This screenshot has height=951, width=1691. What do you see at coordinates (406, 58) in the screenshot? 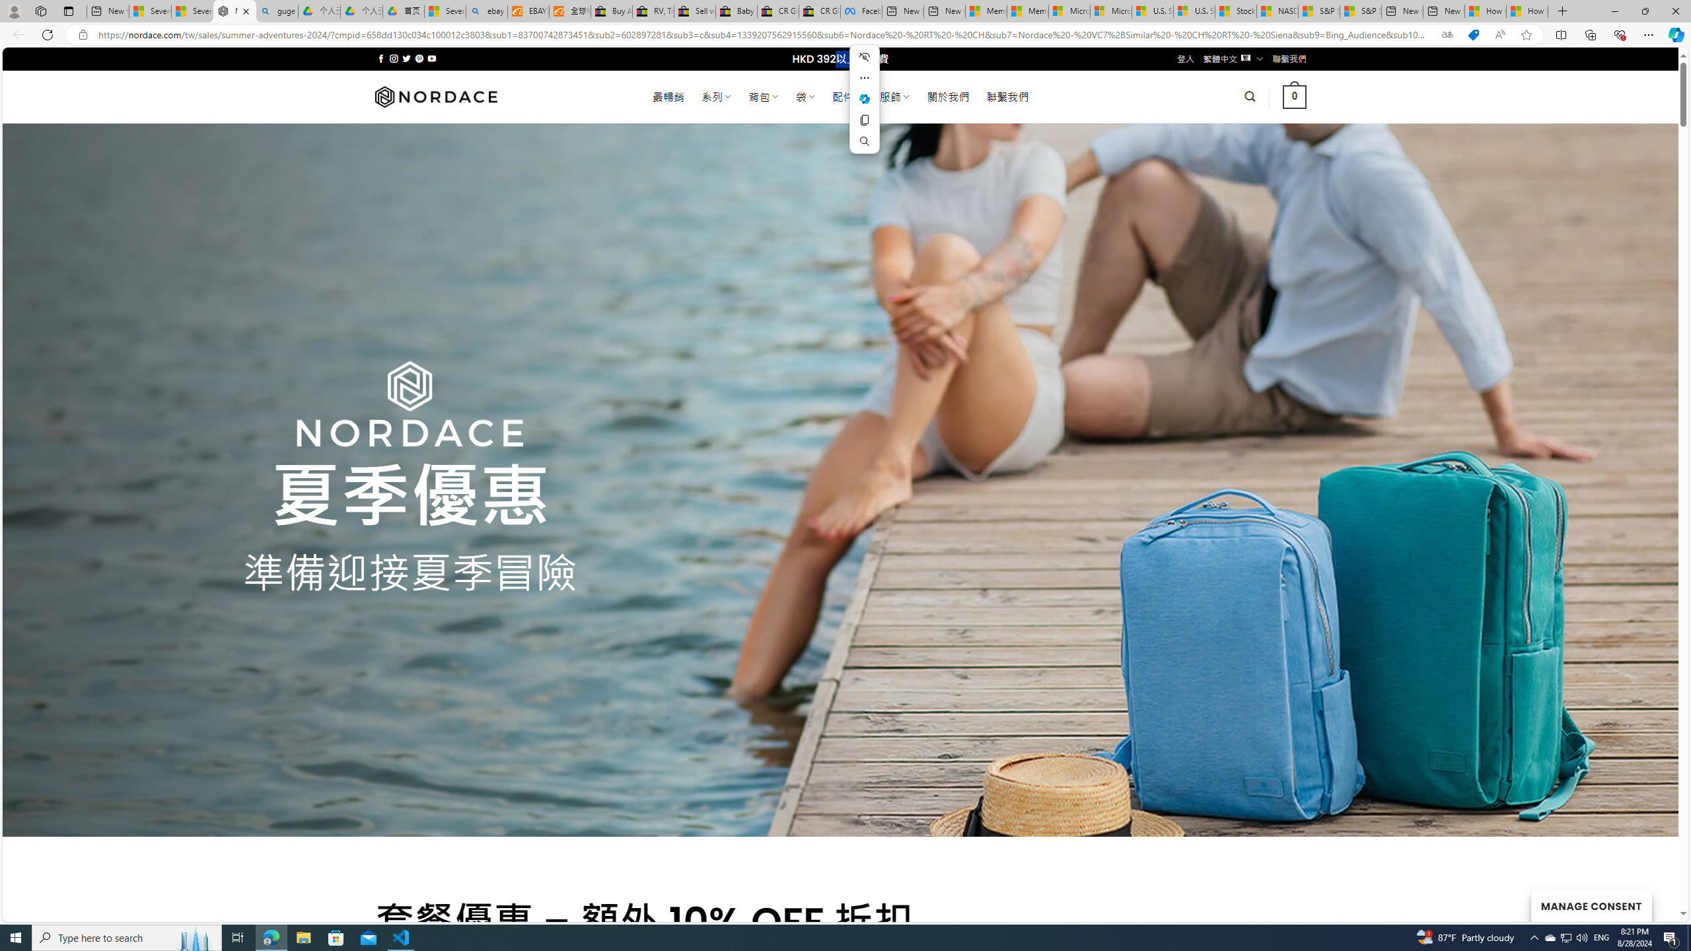
I see `'Follow on Twitter'` at bounding box center [406, 58].